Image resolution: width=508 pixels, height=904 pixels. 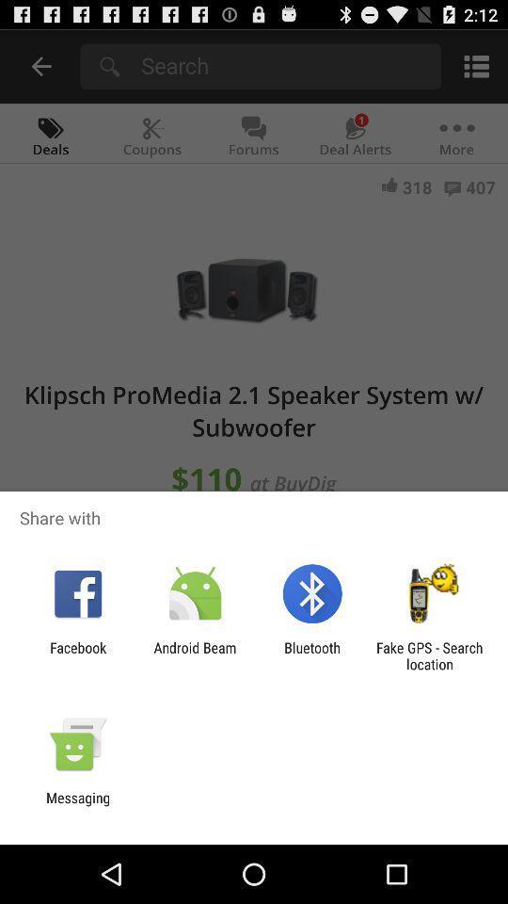 What do you see at coordinates (194, 655) in the screenshot?
I see `icon to the right of facebook app` at bounding box center [194, 655].